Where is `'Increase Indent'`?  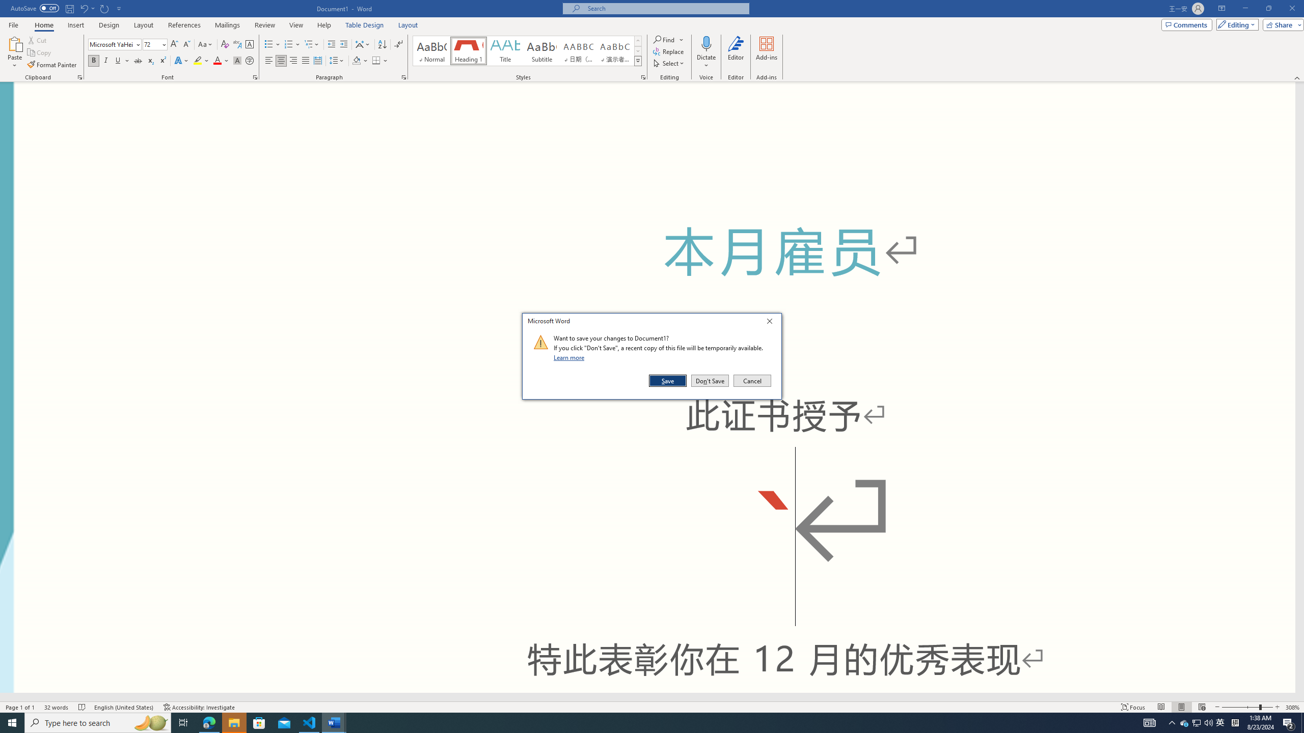 'Increase Indent' is located at coordinates (343, 44).